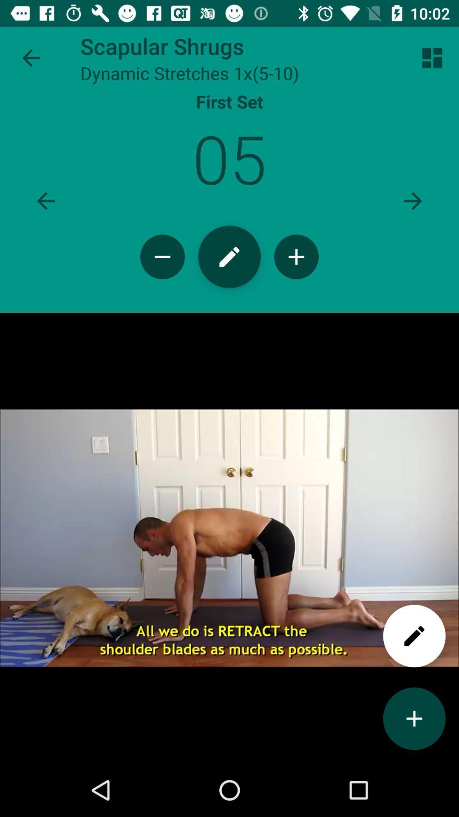 This screenshot has height=817, width=459. I want to click on the add icon, so click(414, 769).